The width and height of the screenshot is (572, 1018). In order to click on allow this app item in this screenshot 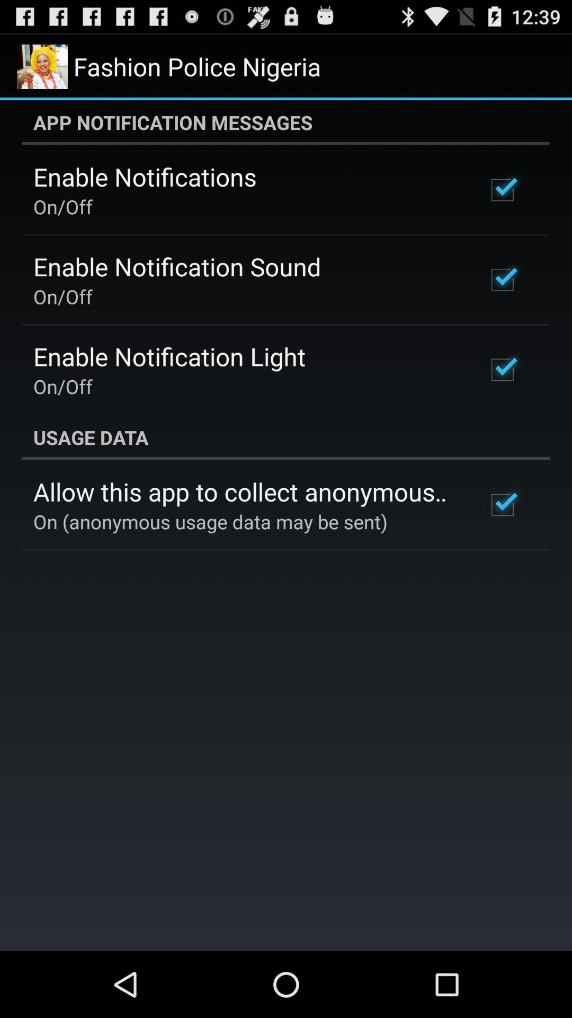, I will do `click(245, 491)`.